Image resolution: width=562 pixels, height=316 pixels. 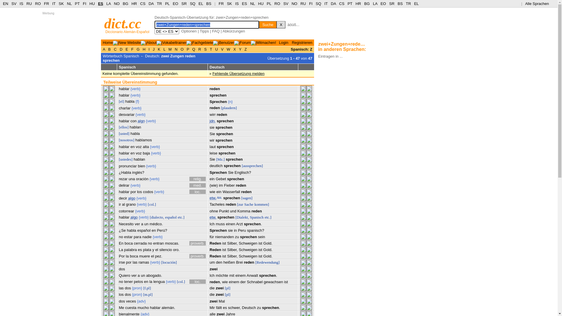 What do you see at coordinates (118, 49) in the screenshot?
I see `'D'` at bounding box center [118, 49].